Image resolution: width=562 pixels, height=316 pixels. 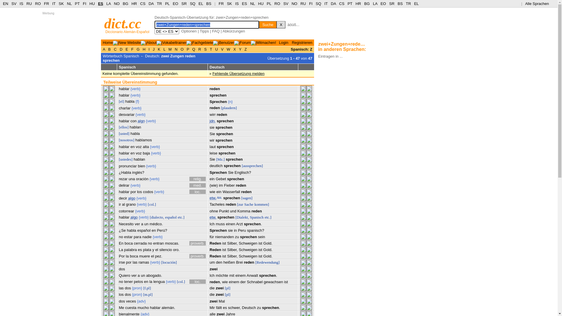 What do you see at coordinates (118, 49) in the screenshot?
I see `'D'` at bounding box center [118, 49].